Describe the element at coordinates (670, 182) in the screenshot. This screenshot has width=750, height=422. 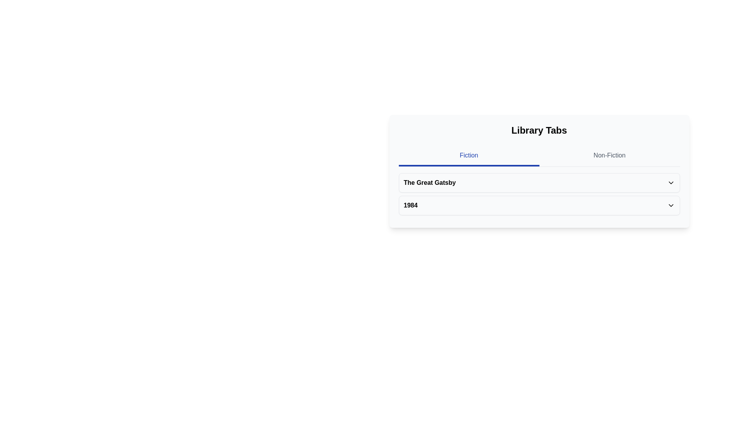
I see `the Dropdown Trigger Icon located` at that location.